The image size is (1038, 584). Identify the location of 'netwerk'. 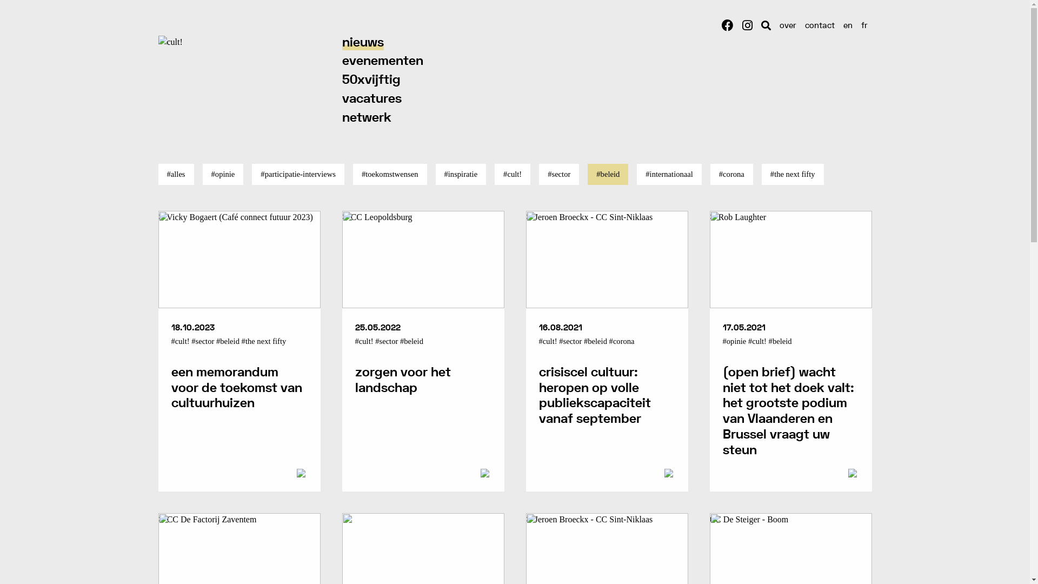
(366, 118).